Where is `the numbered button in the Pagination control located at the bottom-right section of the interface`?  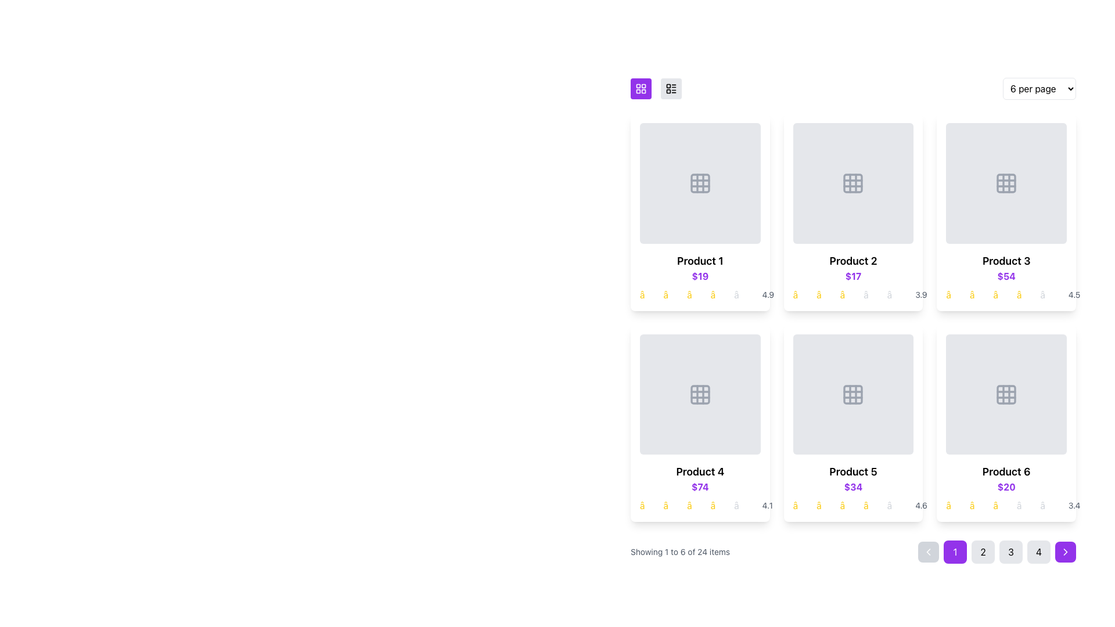 the numbered button in the Pagination control located at the bottom-right section of the interface is located at coordinates (997, 552).